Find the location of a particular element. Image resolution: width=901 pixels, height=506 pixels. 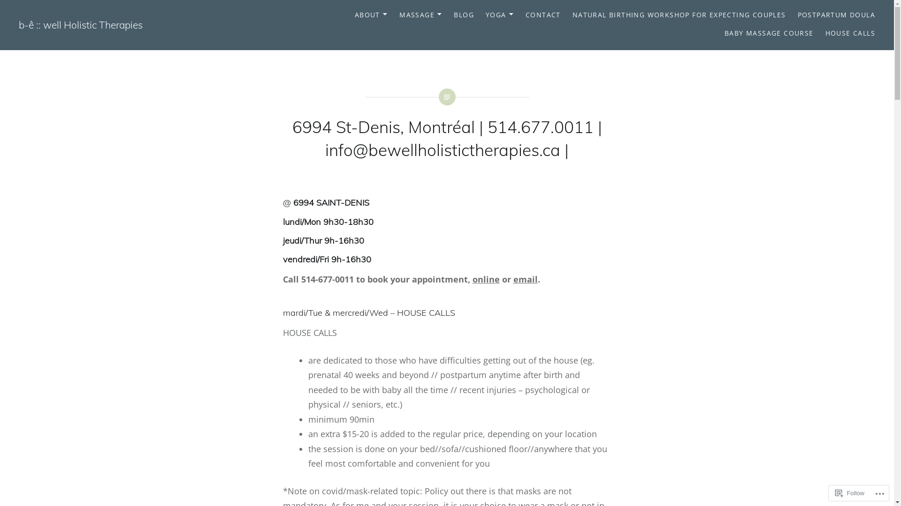

'ABOUT' is located at coordinates (371, 15).